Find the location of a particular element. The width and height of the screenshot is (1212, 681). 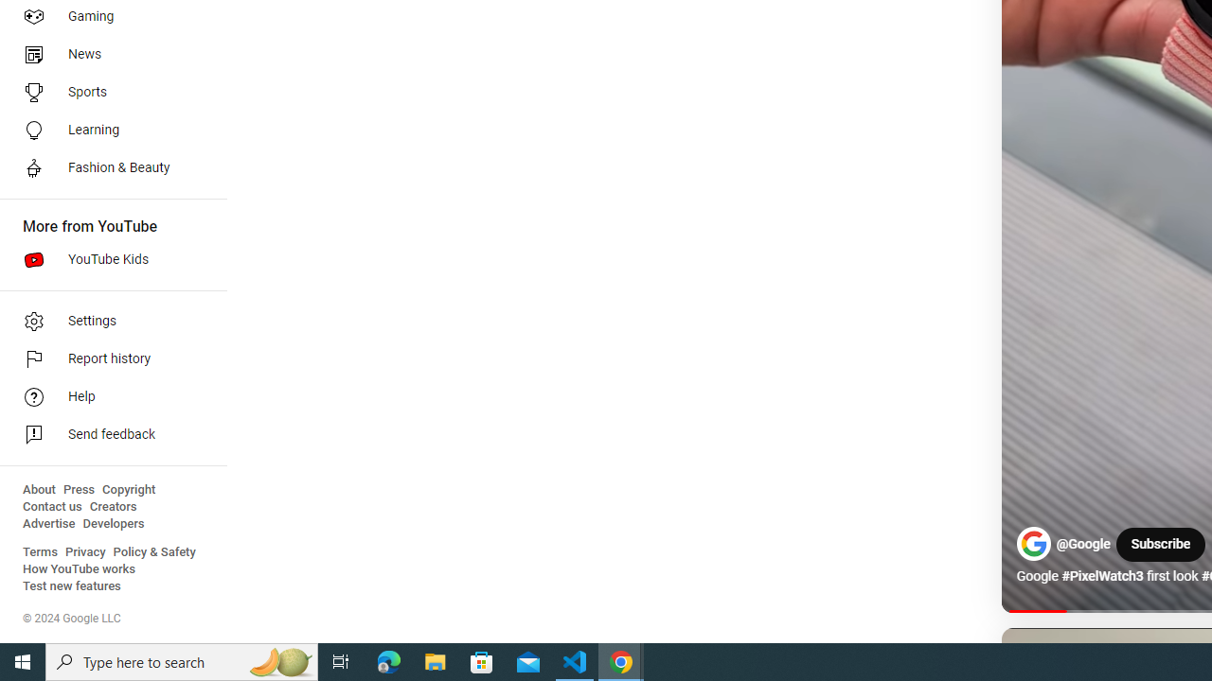

'Creators' is located at coordinates (112, 506).